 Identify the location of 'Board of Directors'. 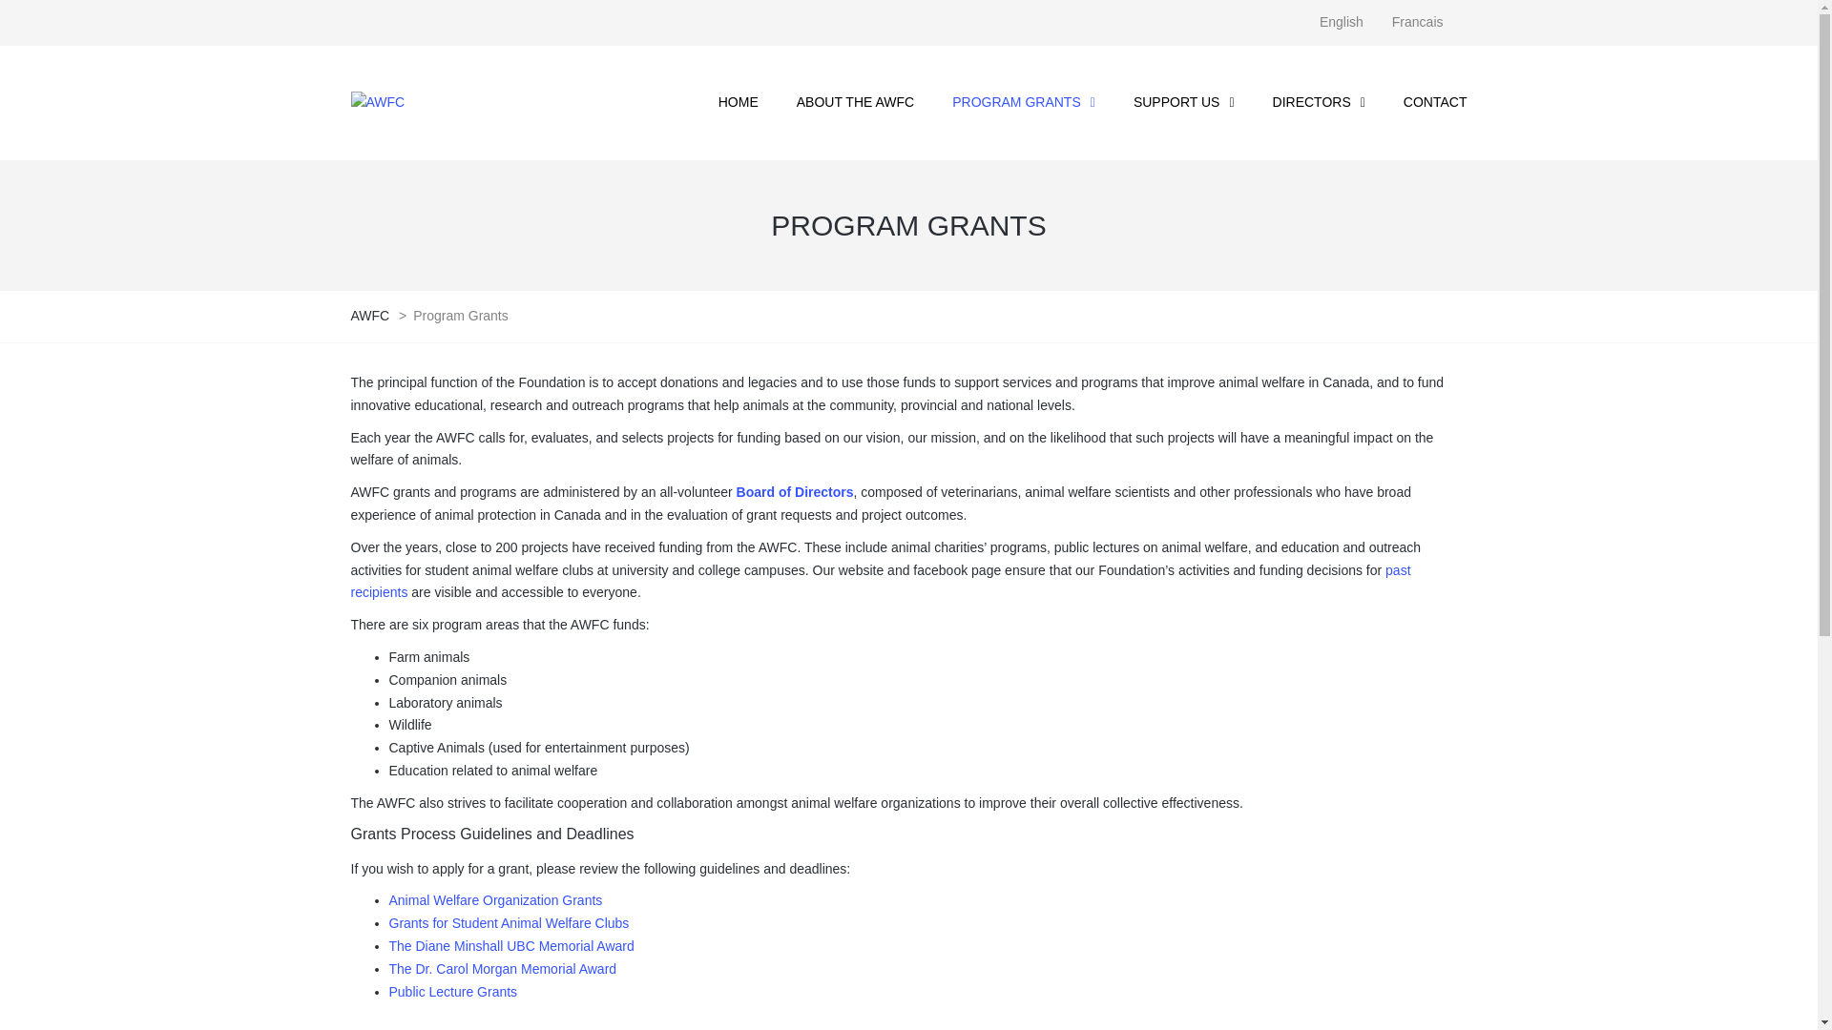
(795, 491).